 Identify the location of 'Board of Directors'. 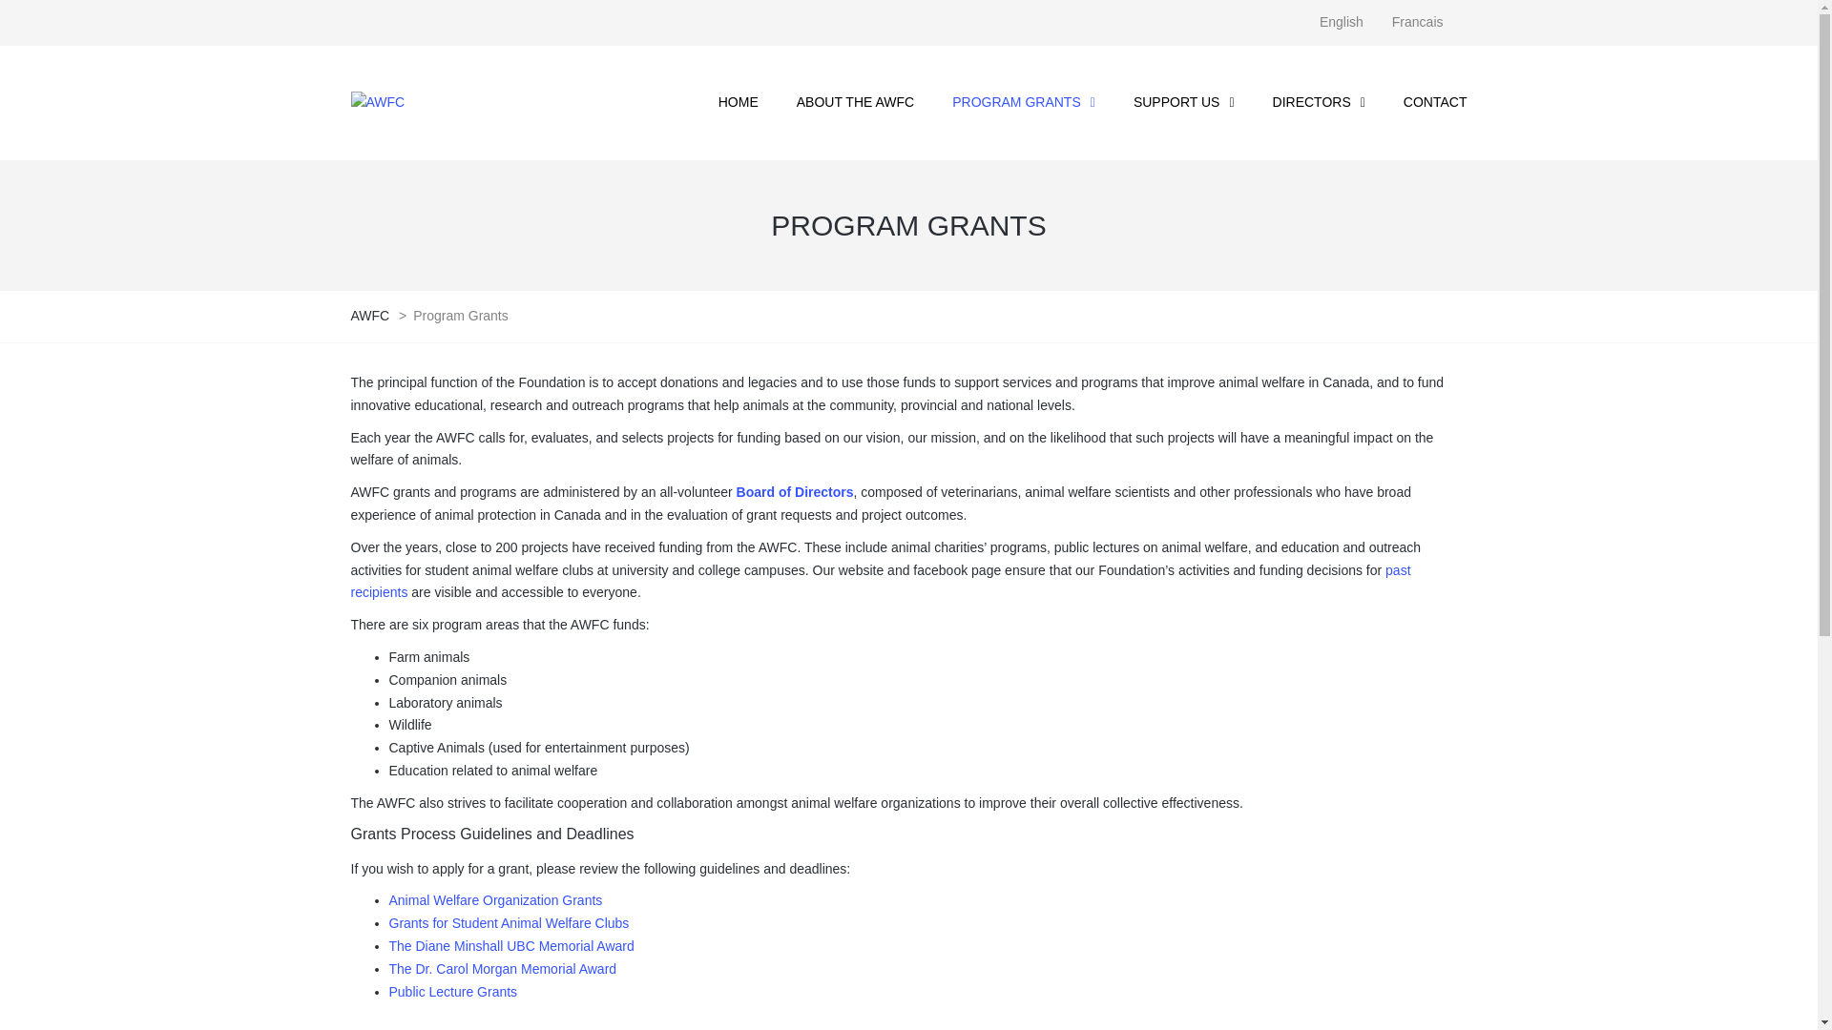
(795, 491).